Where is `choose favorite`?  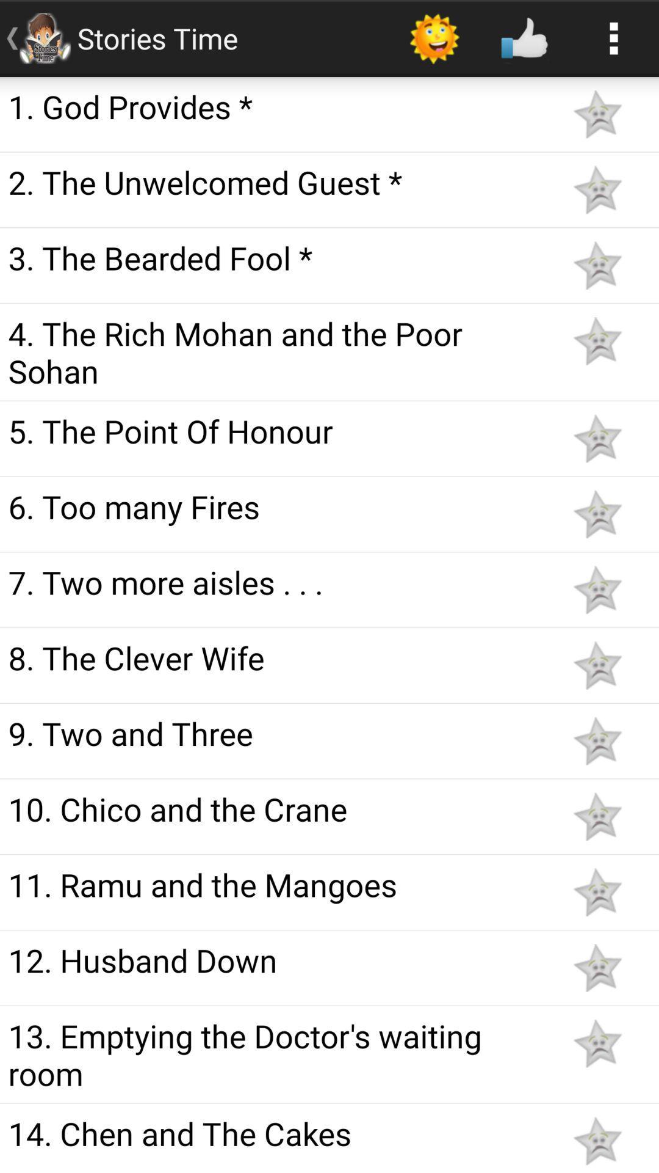 choose favorite is located at coordinates (597, 189).